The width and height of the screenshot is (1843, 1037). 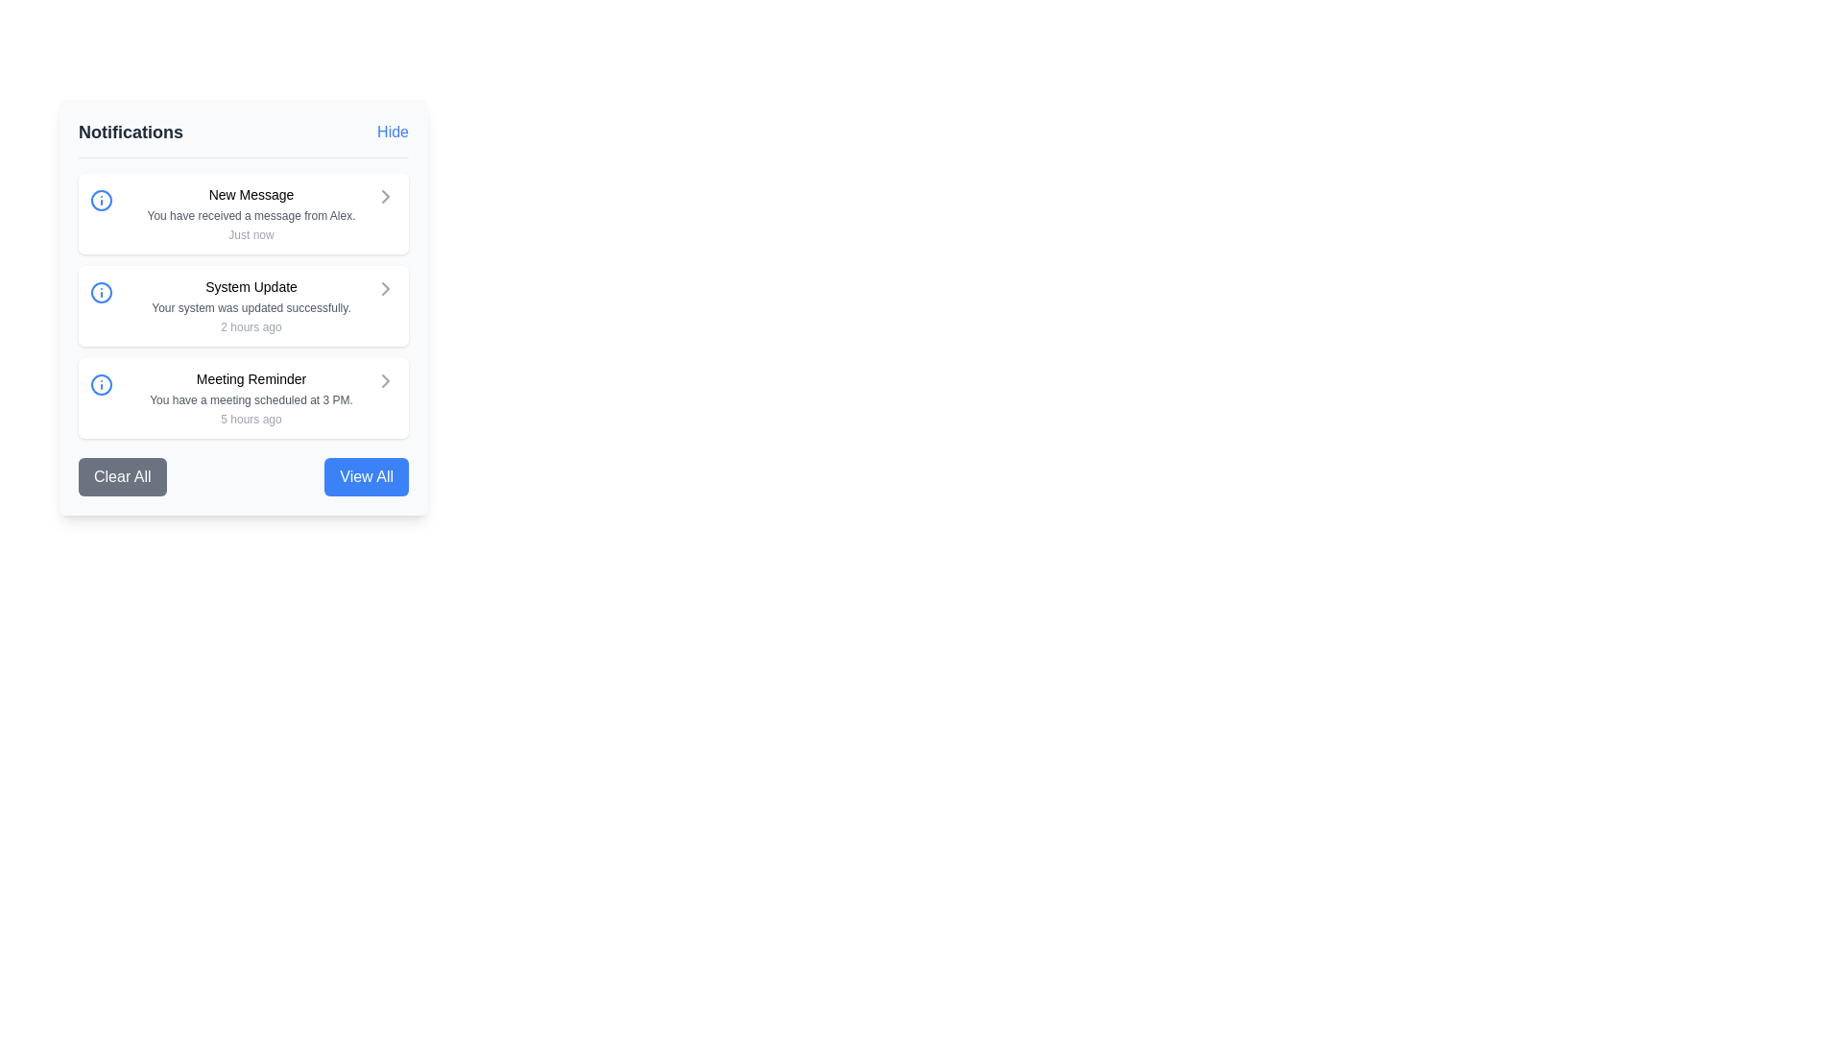 What do you see at coordinates (251, 214) in the screenshot?
I see `notification details of the 'New Message' text layout that includes the title, description, and timestamp` at bounding box center [251, 214].